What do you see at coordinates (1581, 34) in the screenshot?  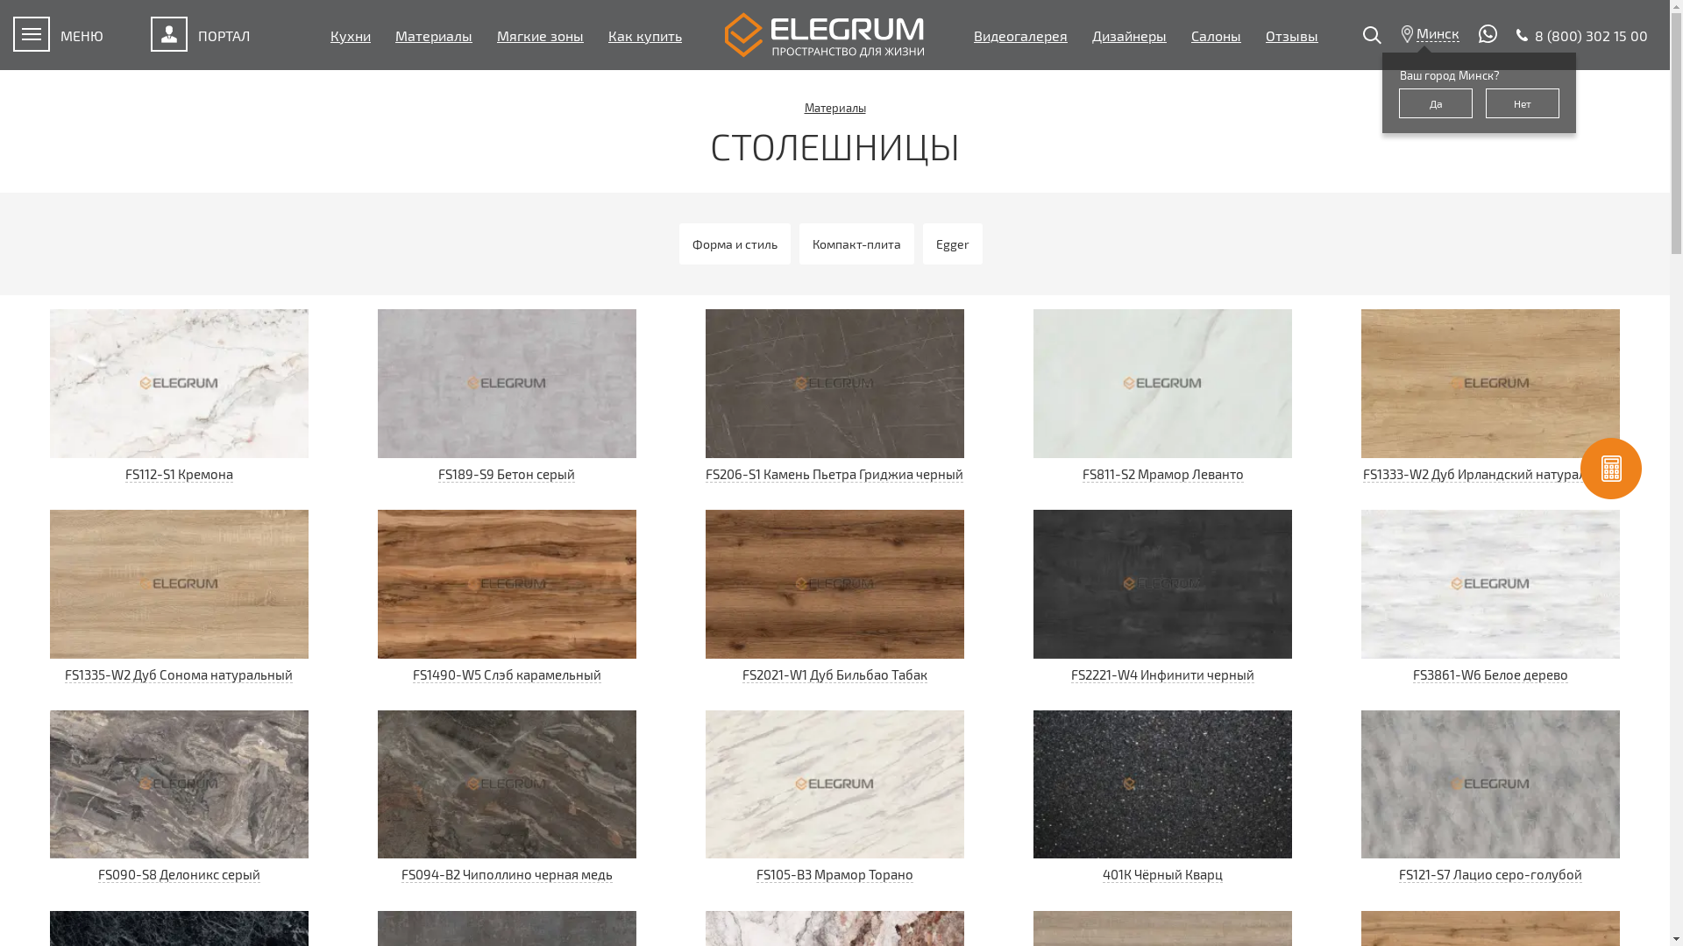 I see `'8 (800) 302 15 00'` at bounding box center [1581, 34].